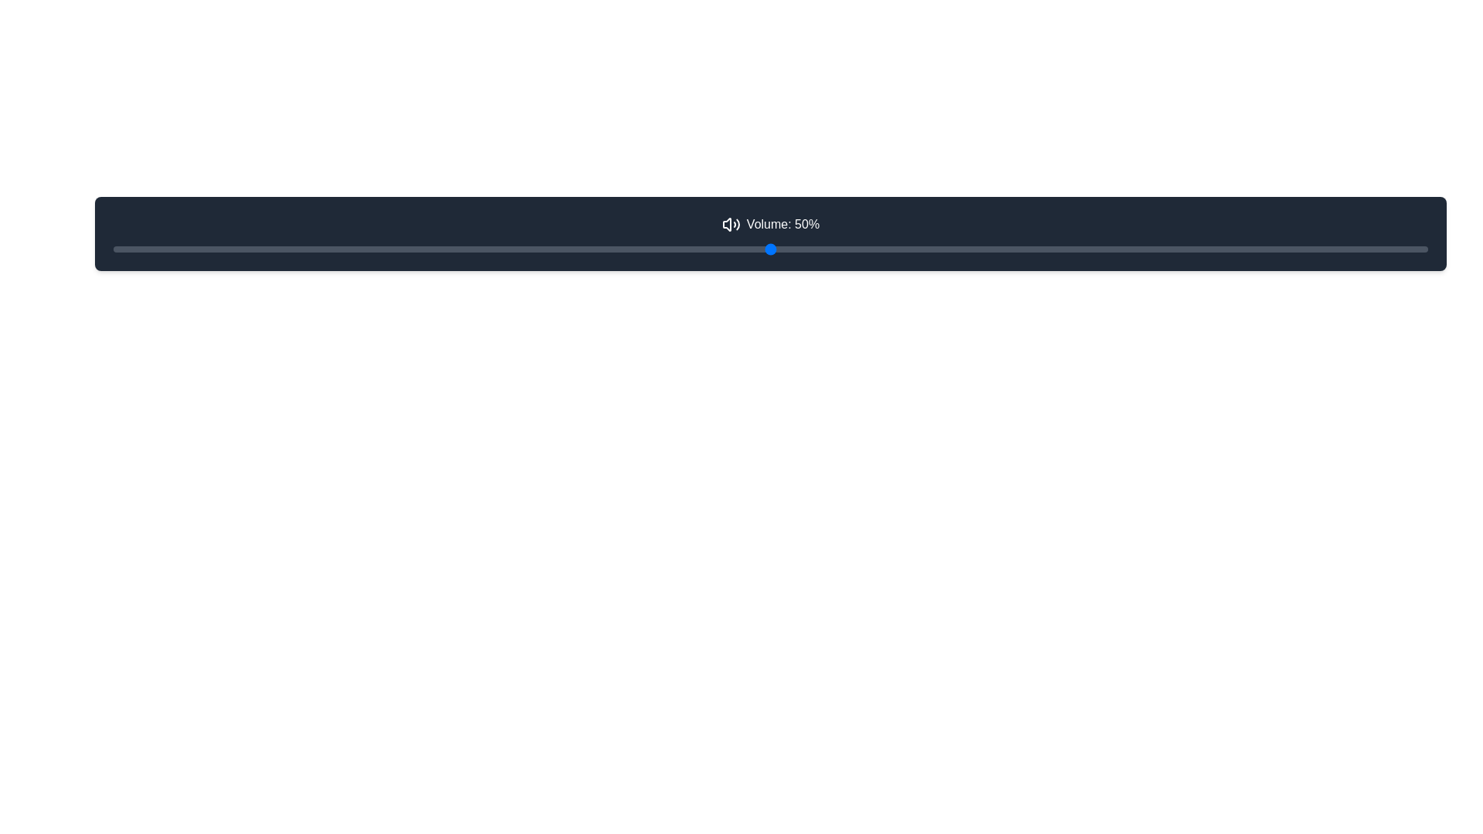 This screenshot has height=834, width=1483. I want to click on the range slider that adjusts the volume level, currently set to 50%, located beneath the 'Volume: 50%' text and volume icon, so click(771, 249).